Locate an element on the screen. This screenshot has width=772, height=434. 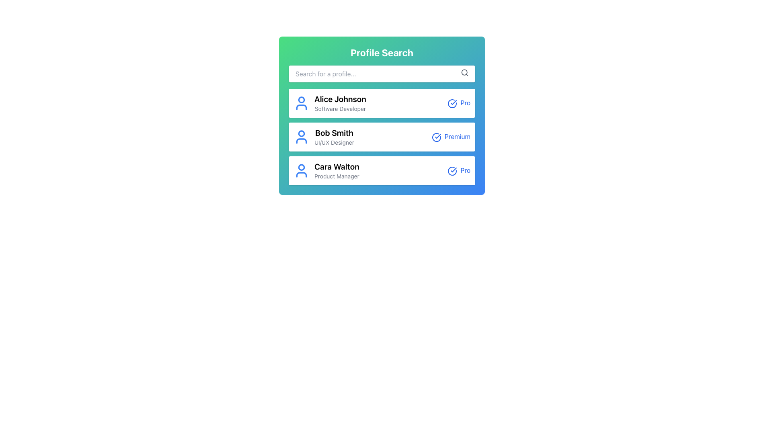
circular icon with a blue outline and checkmark, associated with the 'Premium' label next to 'Bob Smith' in the profile list is located at coordinates (436, 137).